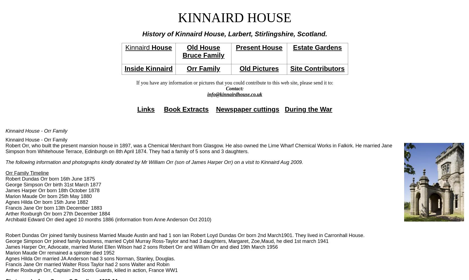  I want to click on 'Kinnaird', so click(138, 47).